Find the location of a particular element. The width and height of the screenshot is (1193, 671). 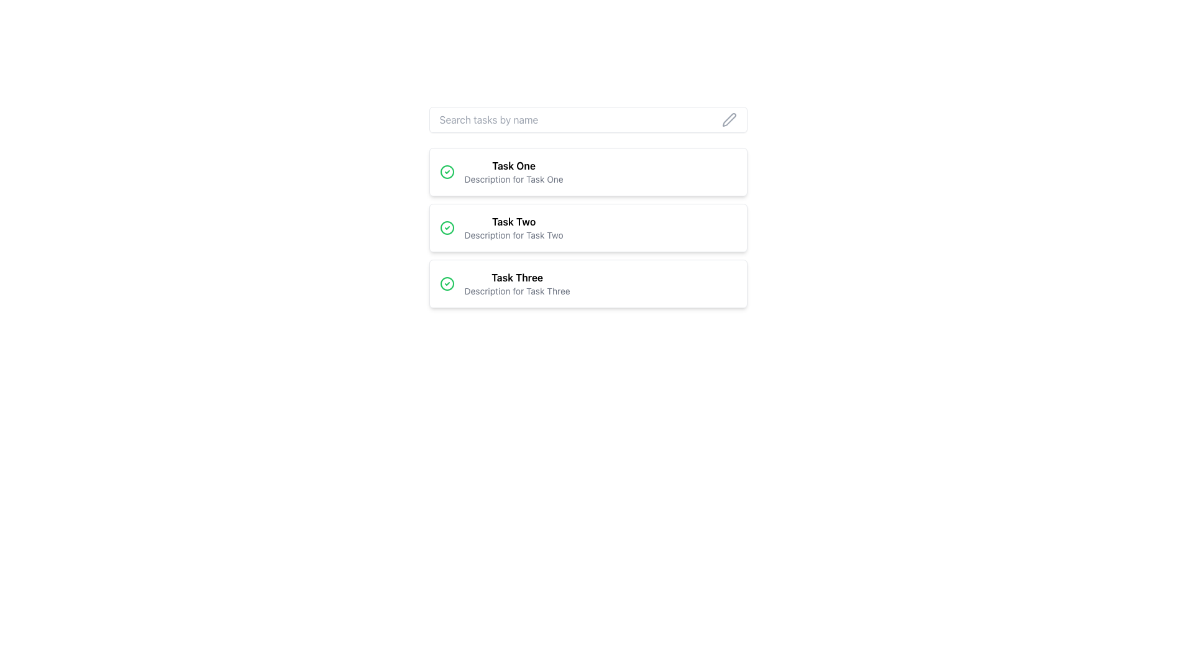

the title text element for 'Task Three', which is located in the upper section of the third card in a vertically stacked list of tasks is located at coordinates (517, 277).